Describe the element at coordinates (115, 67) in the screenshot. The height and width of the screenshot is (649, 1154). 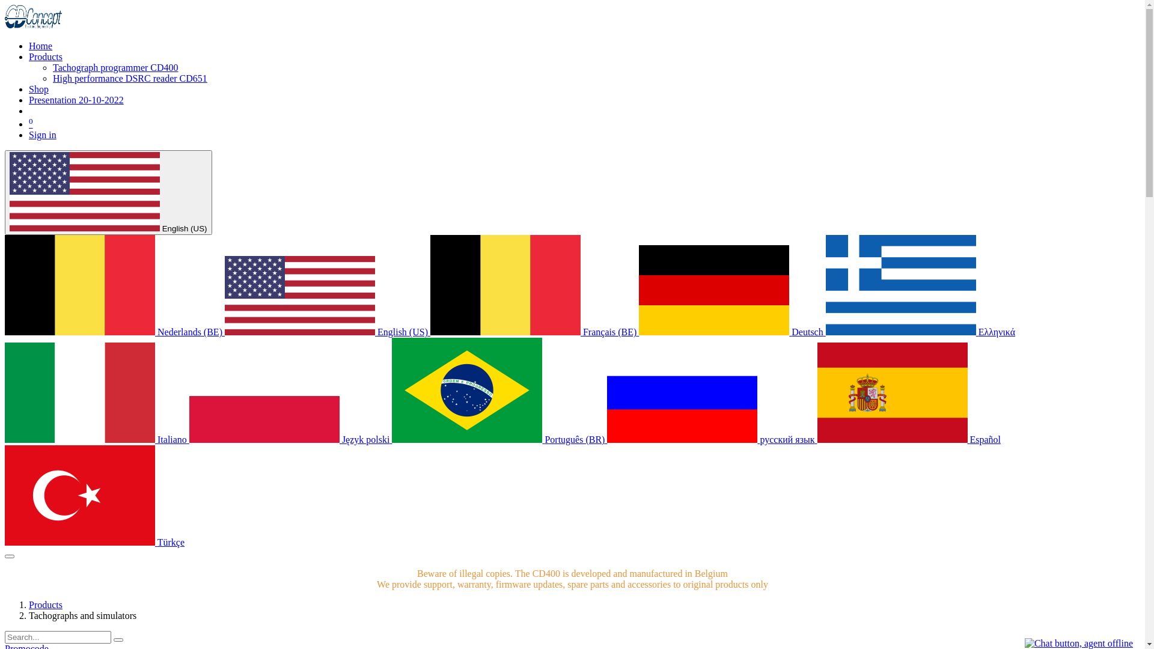
I see `'Tachograph programmer CD400'` at that location.